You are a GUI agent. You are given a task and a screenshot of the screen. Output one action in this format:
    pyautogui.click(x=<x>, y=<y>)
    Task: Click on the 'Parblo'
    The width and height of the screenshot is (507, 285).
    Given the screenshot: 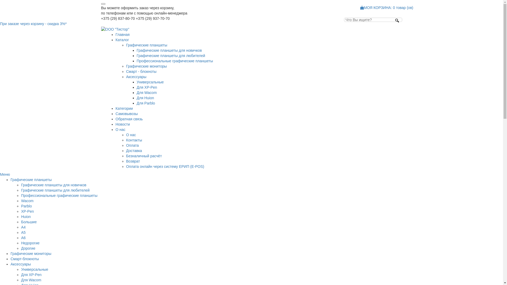 What is the action you would take?
    pyautogui.click(x=26, y=206)
    